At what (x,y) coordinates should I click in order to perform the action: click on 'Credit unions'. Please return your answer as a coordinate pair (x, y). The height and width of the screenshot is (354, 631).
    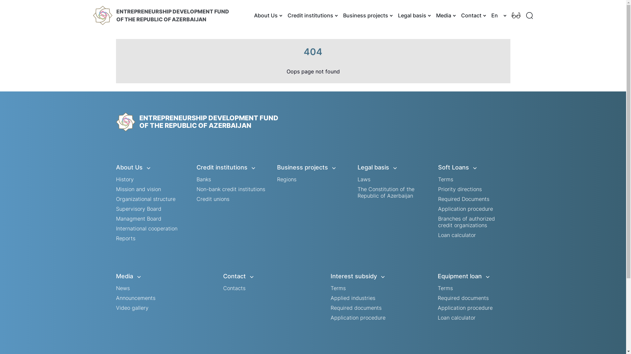
    Looking at the image, I should click on (213, 198).